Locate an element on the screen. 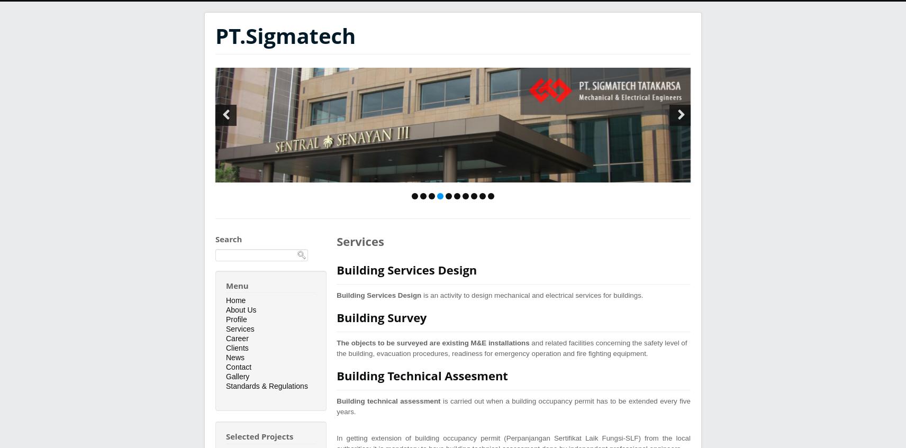  'Home' is located at coordinates (235, 300).